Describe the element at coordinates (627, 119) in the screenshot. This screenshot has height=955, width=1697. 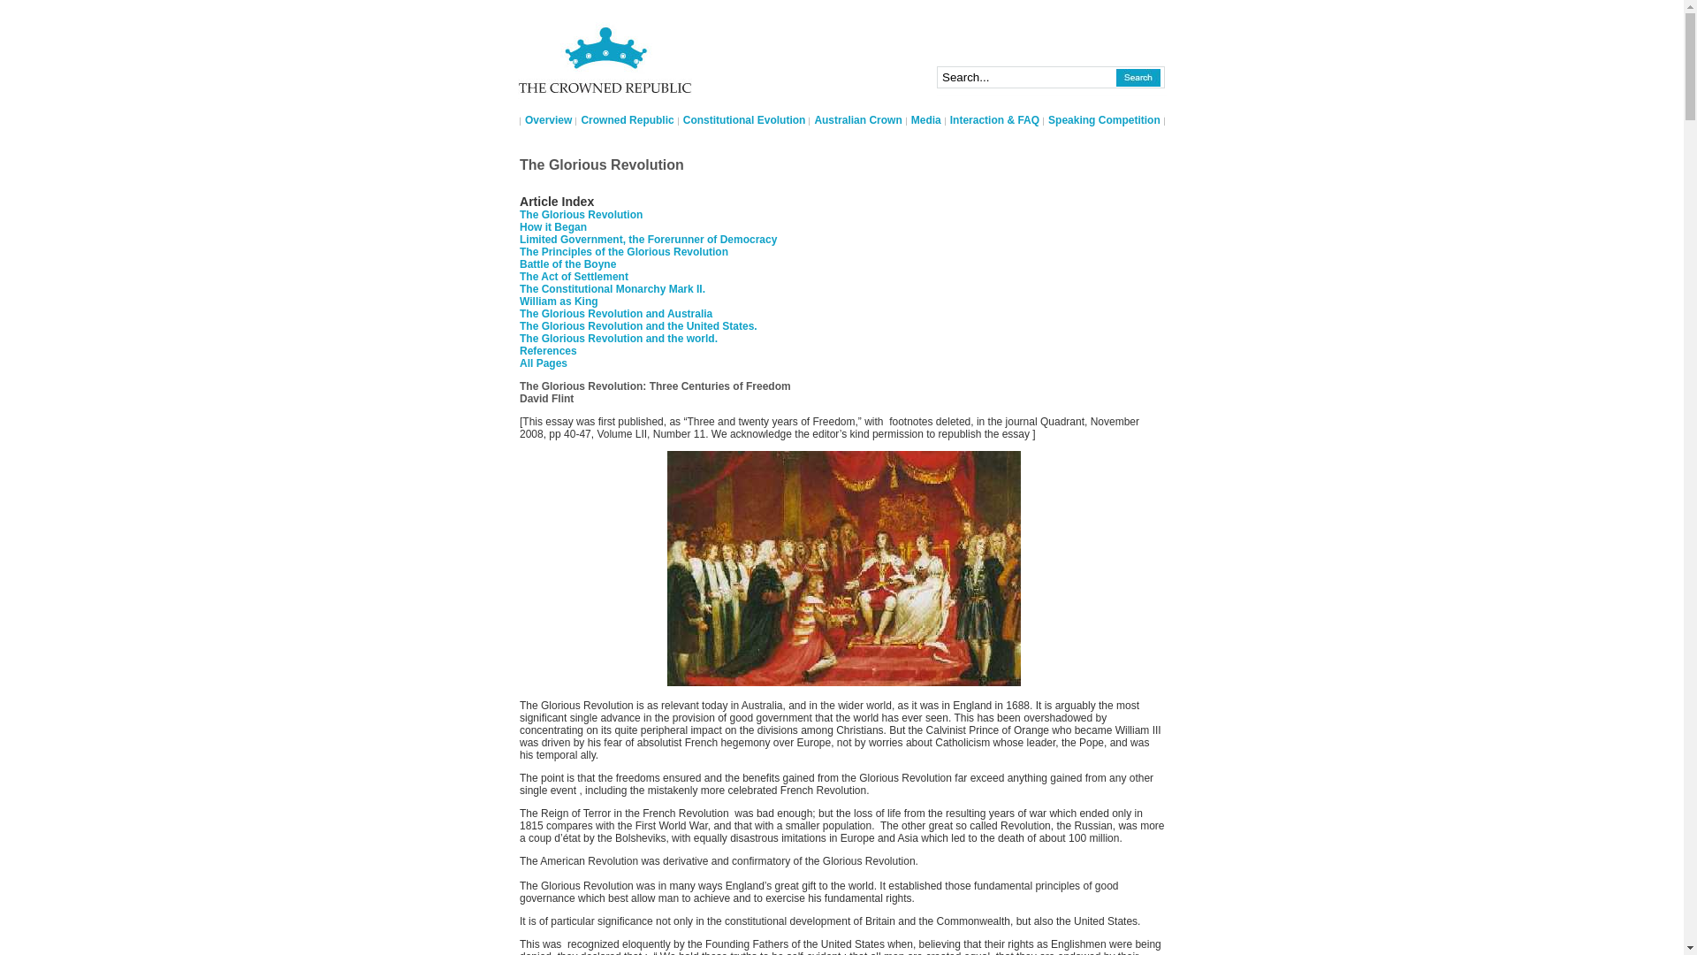
I see `'Crowned Republic'` at that location.